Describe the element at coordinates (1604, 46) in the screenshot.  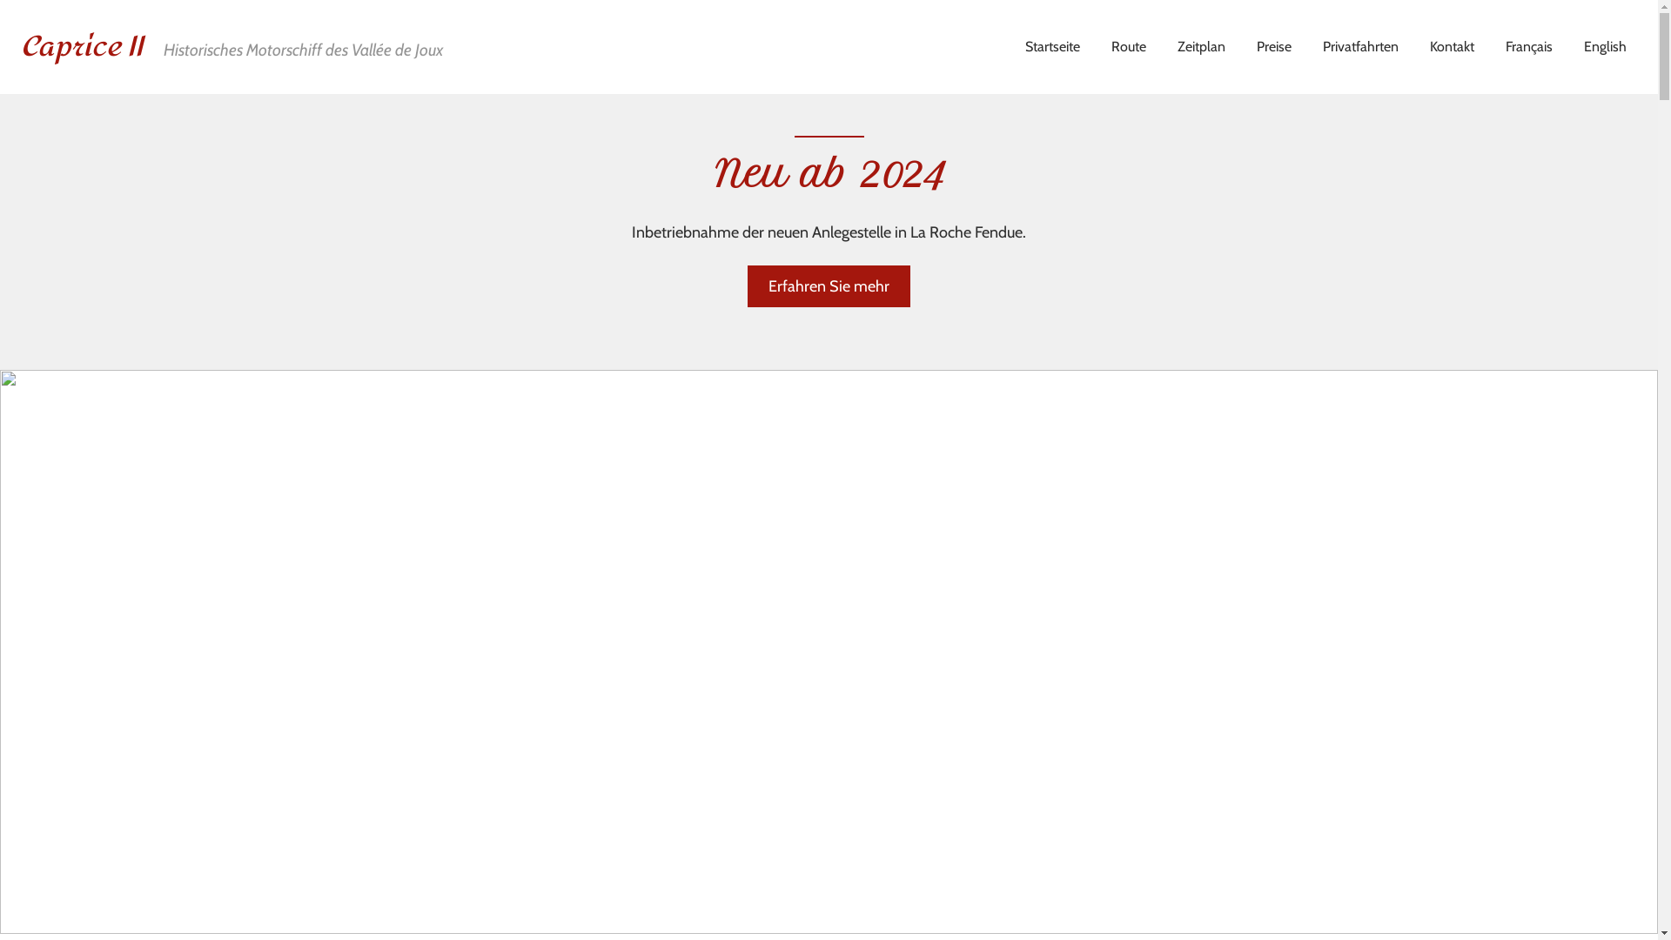
I see `'English'` at that location.